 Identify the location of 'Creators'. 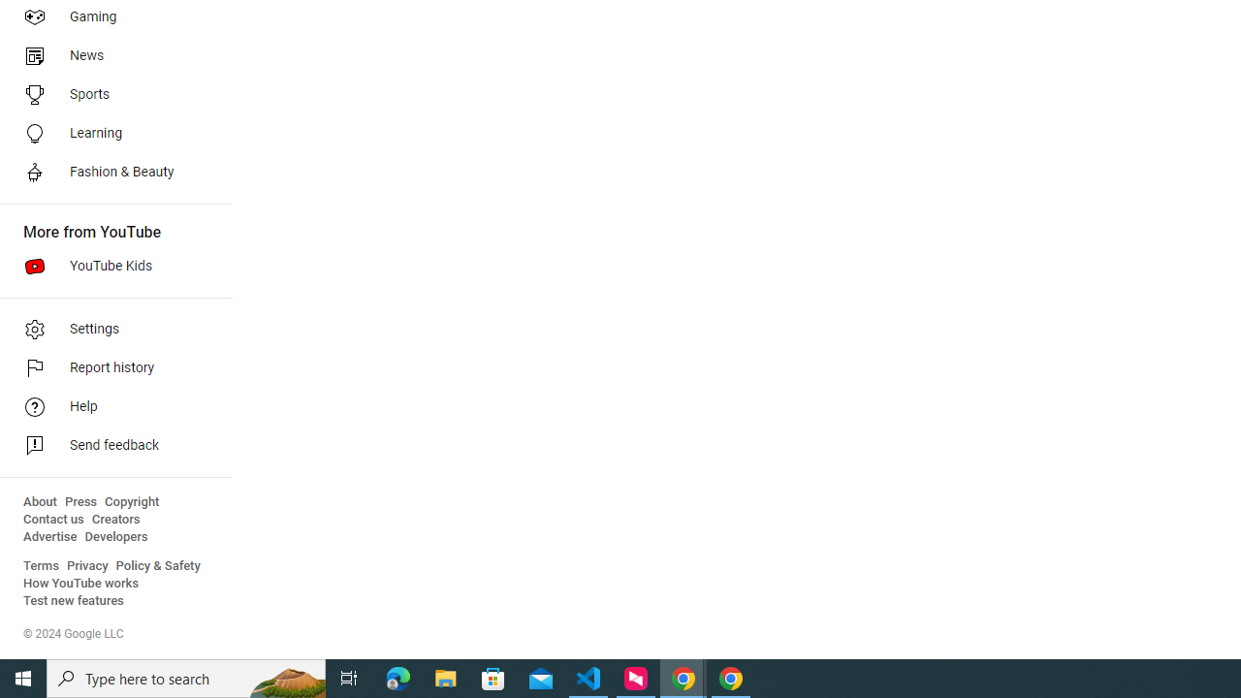
(114, 519).